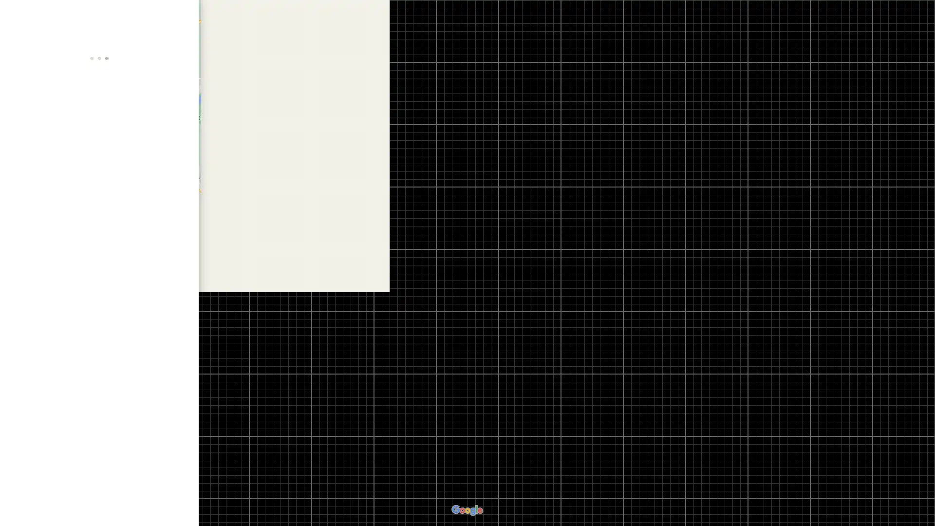 This screenshot has width=935, height=526. What do you see at coordinates (99, 338) in the screenshot?
I see `Suggest an edit` at bounding box center [99, 338].